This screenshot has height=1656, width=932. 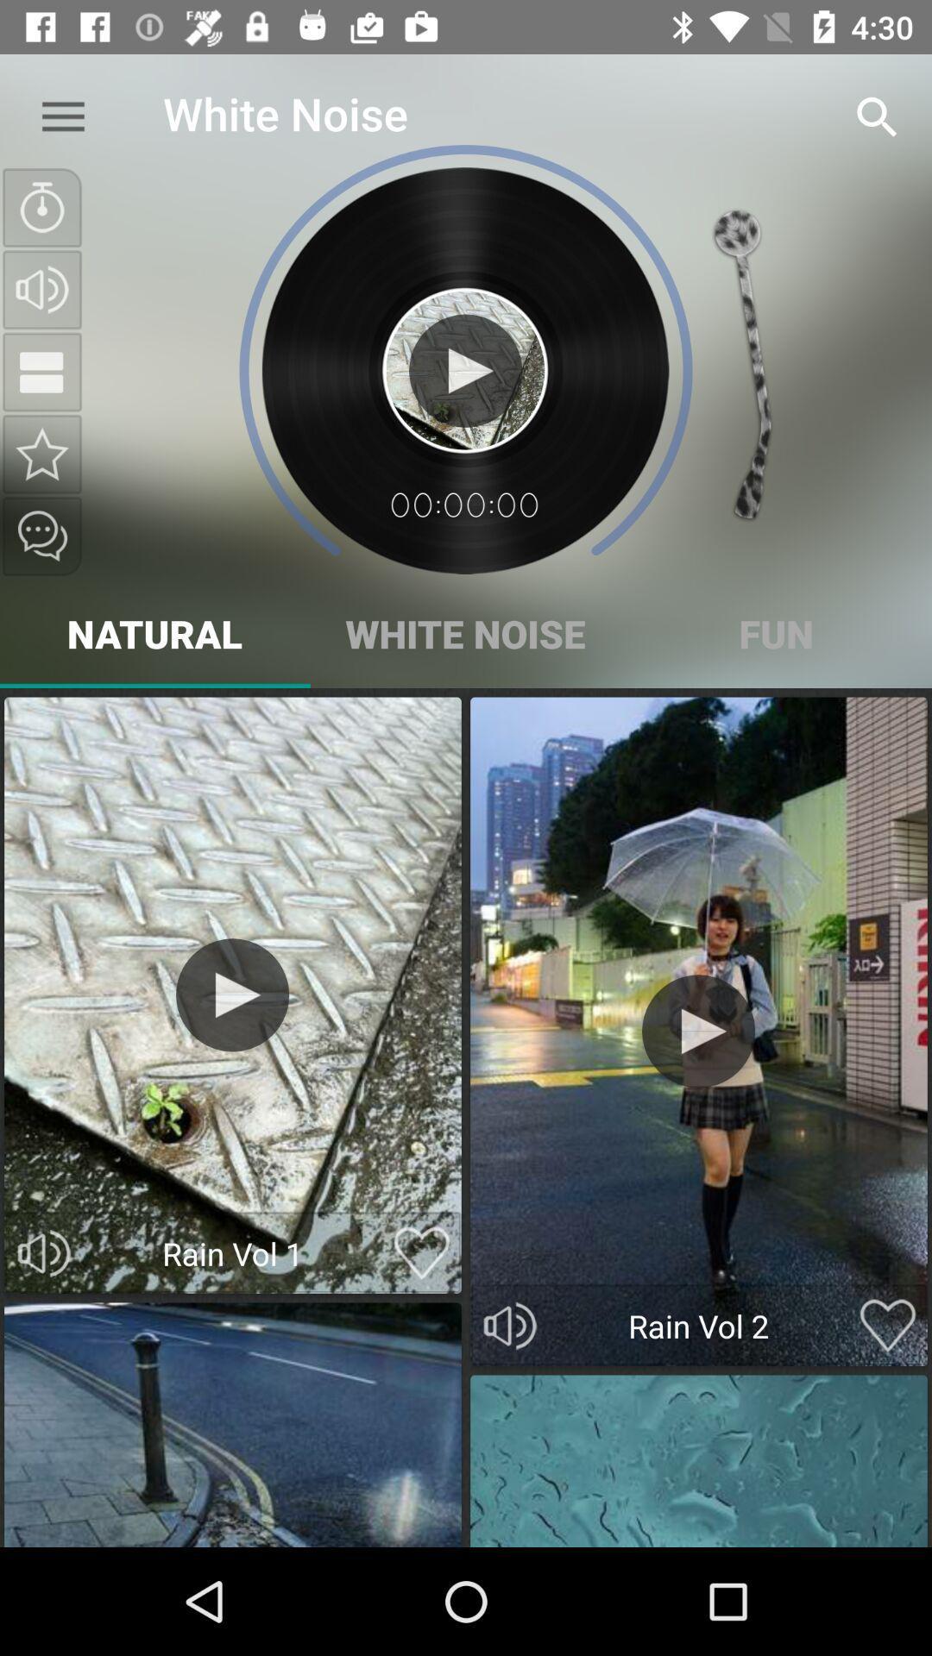 What do you see at coordinates (41, 207) in the screenshot?
I see `the time icon` at bounding box center [41, 207].